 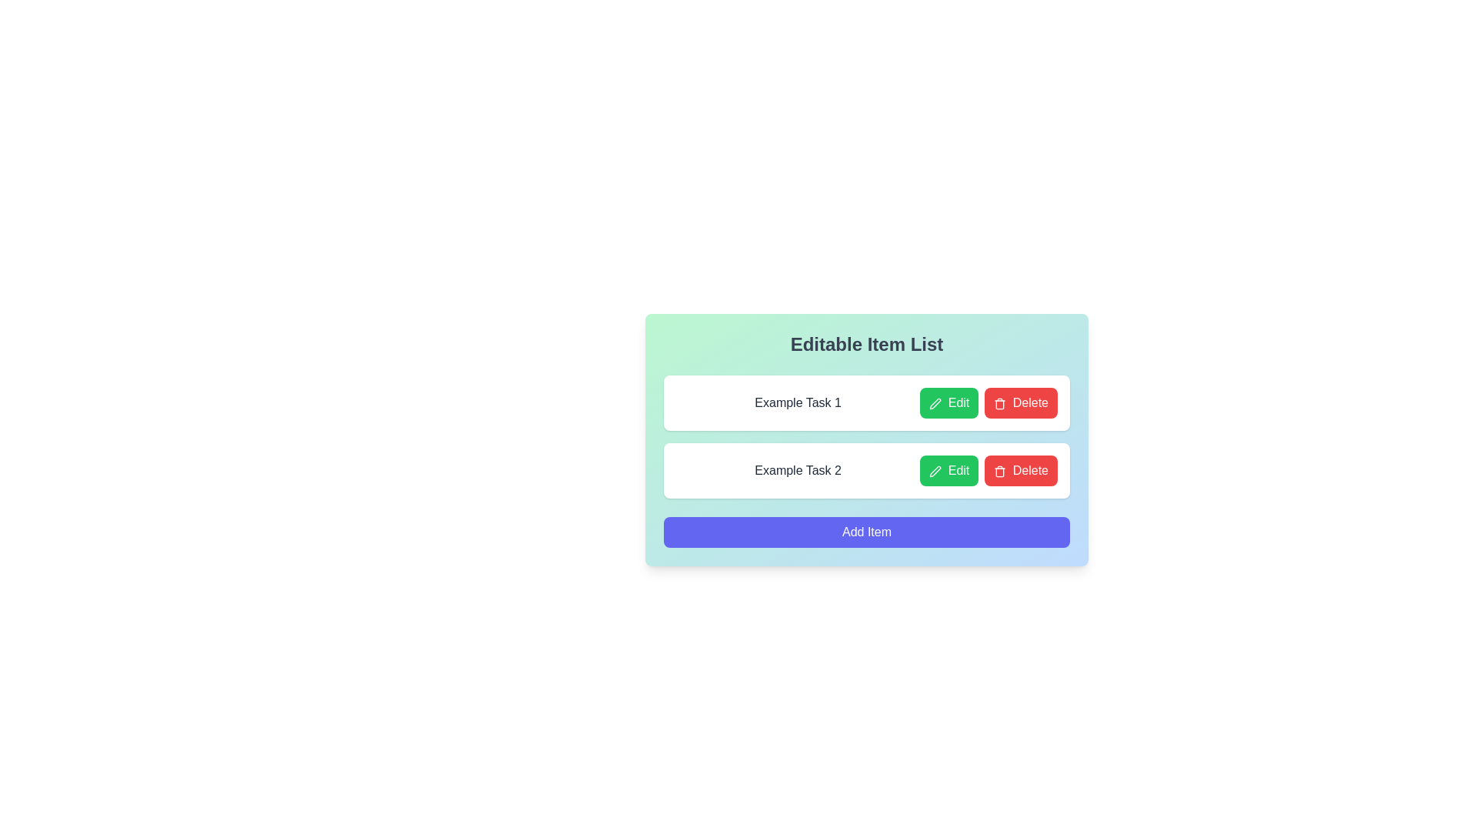 What do you see at coordinates (935, 470) in the screenshot?
I see `the pen icon inside the green 'Edit' button, which is located to the right of the 'Example Task 2' text in the task list` at bounding box center [935, 470].